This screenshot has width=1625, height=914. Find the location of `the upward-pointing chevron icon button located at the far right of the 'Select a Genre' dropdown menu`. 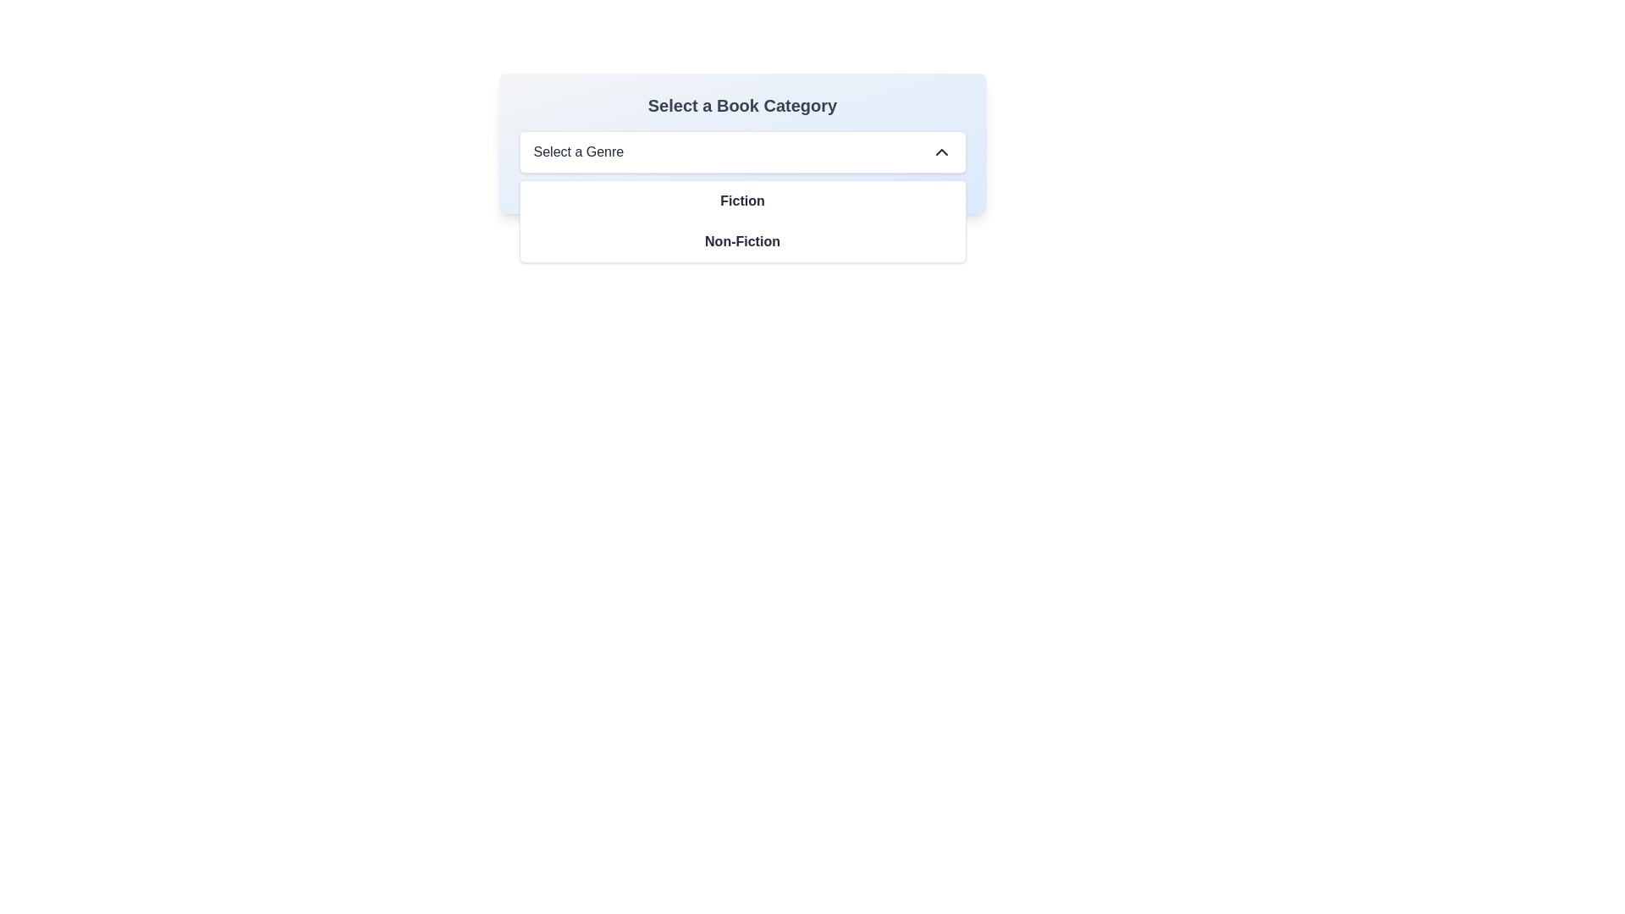

the upward-pointing chevron icon button located at the far right of the 'Select a Genre' dropdown menu is located at coordinates (940, 152).